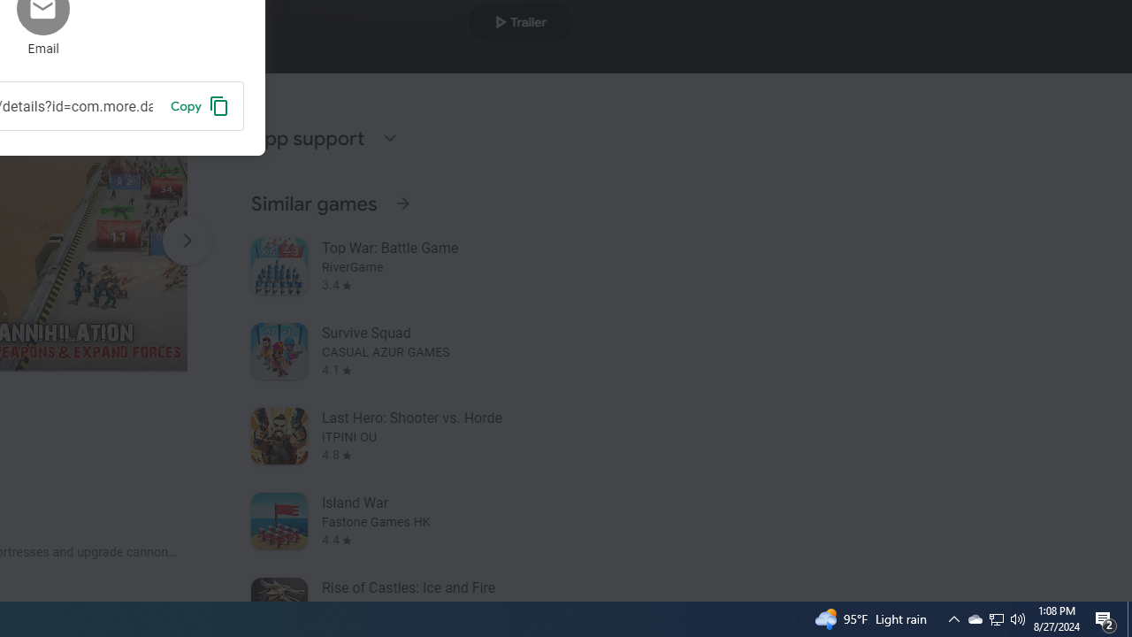 The height and width of the screenshot is (637, 1132). Describe the element at coordinates (199, 105) in the screenshot. I see `'Copy link to clipboard'` at that location.